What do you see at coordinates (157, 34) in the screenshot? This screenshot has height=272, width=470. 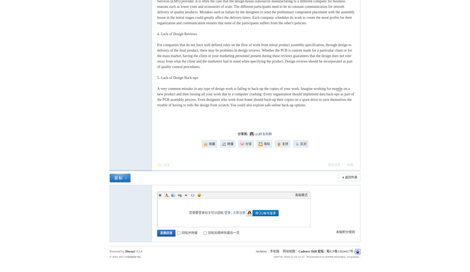 I see `'4. Lack of Design Reviews'` at bounding box center [157, 34].